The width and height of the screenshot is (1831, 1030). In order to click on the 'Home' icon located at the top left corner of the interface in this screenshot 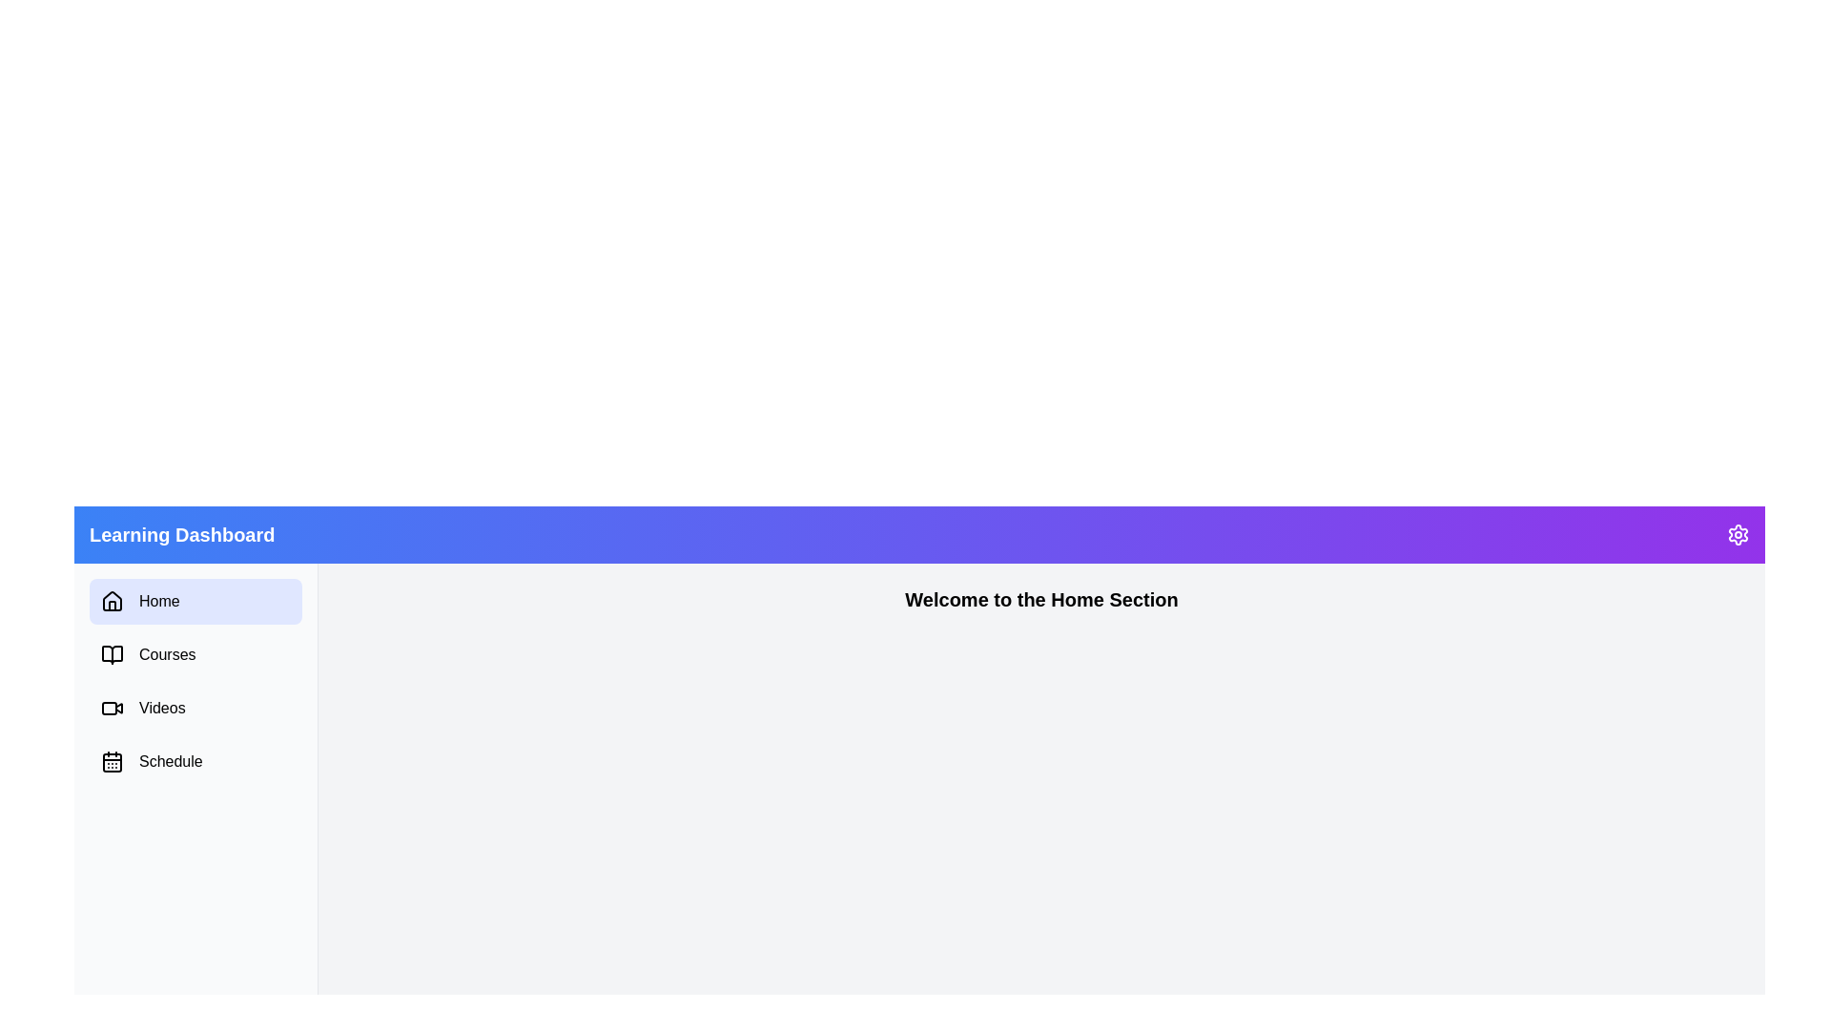, I will do `click(112, 602)`.